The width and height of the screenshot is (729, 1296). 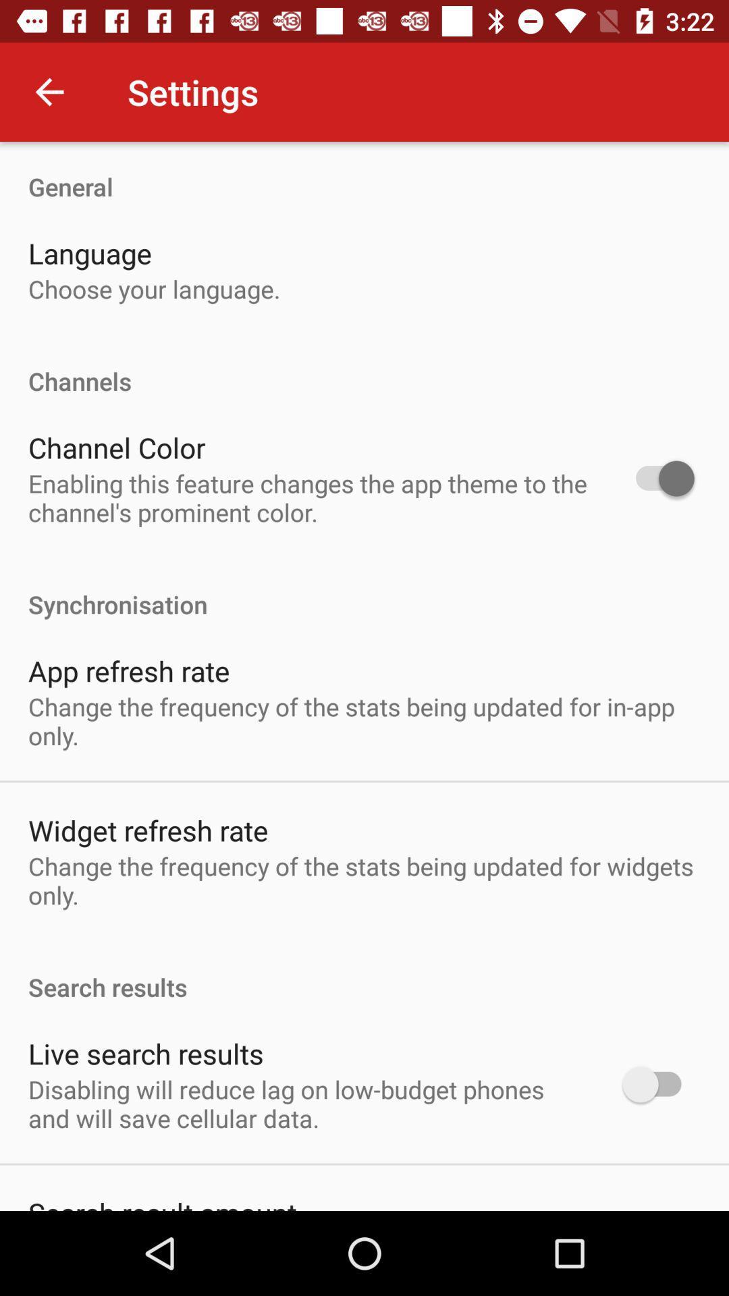 I want to click on item below disabling will reduce item, so click(x=161, y=1202).